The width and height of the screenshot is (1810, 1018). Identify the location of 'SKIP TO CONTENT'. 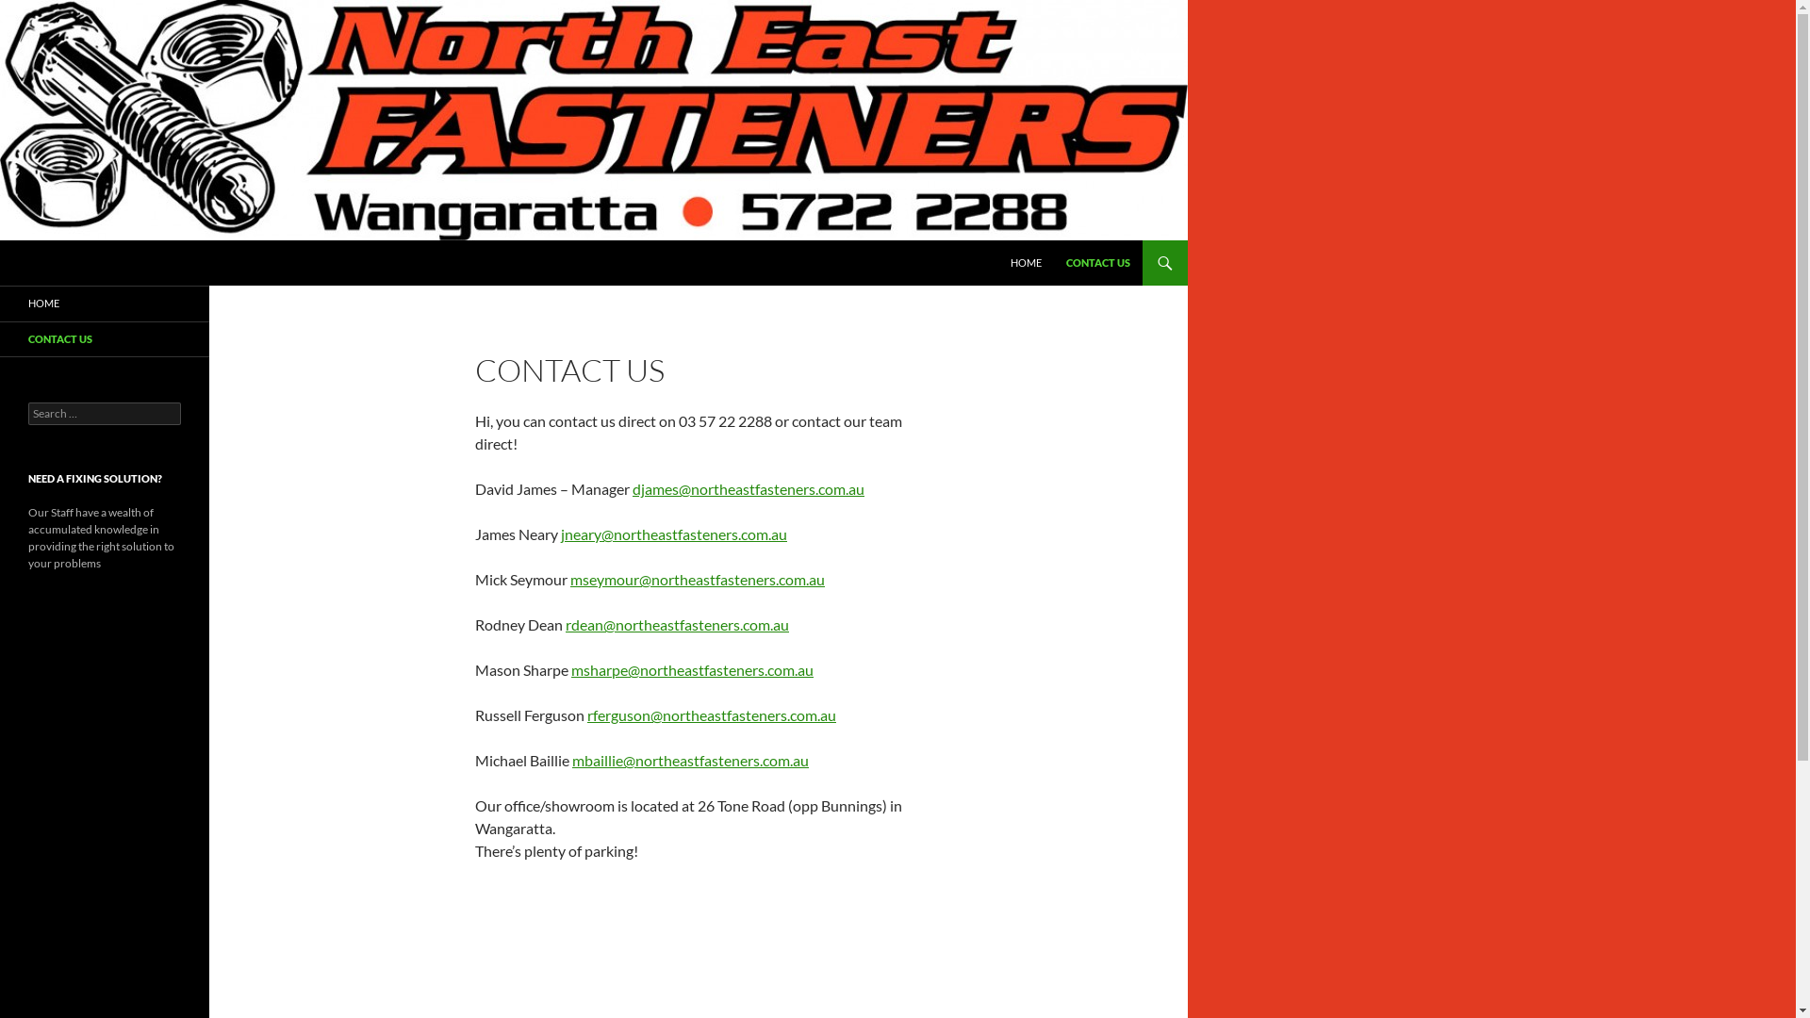
(998, 239).